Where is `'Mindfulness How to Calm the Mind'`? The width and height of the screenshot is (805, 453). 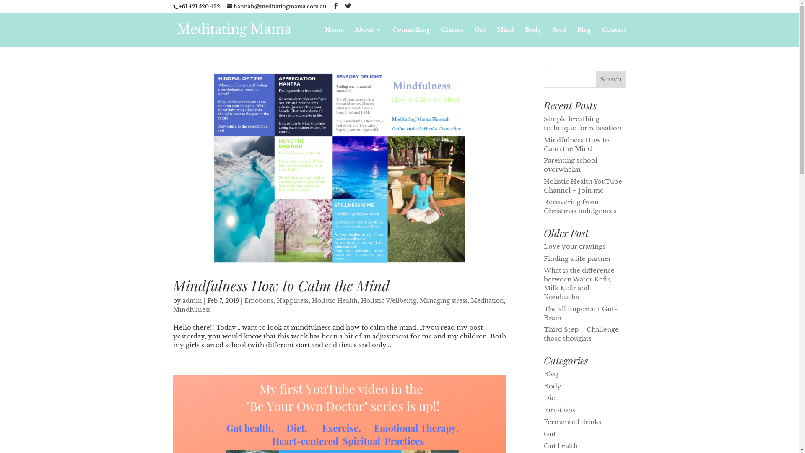 'Mindfulness How to Calm the Mind' is located at coordinates (576, 143).